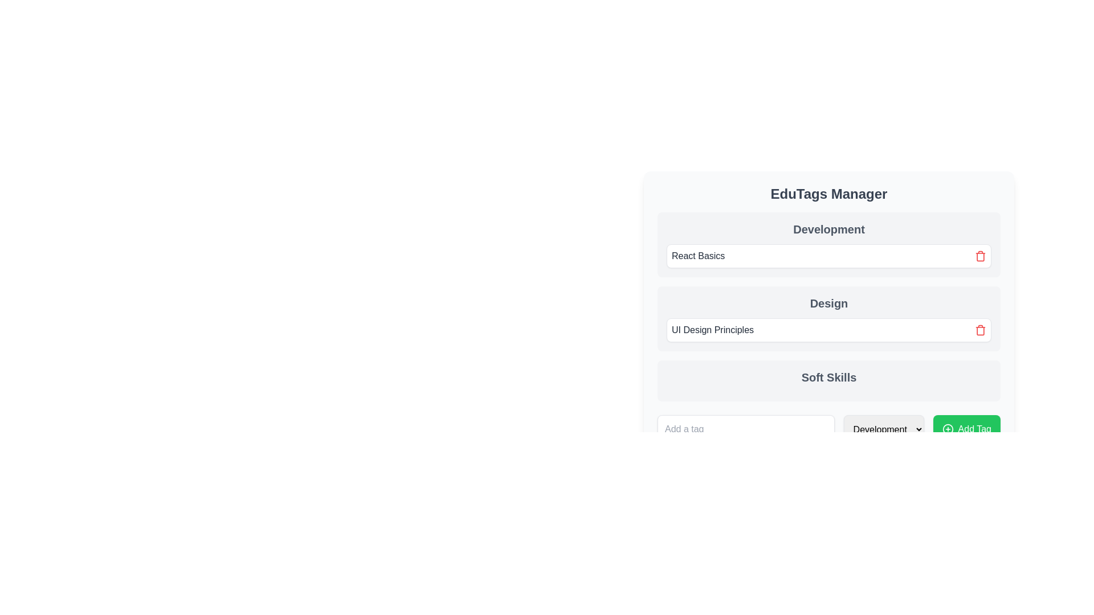 The image size is (1094, 615). I want to click on the text label element displaying 'React Basics' located under the 'Development' header, so click(697, 256).